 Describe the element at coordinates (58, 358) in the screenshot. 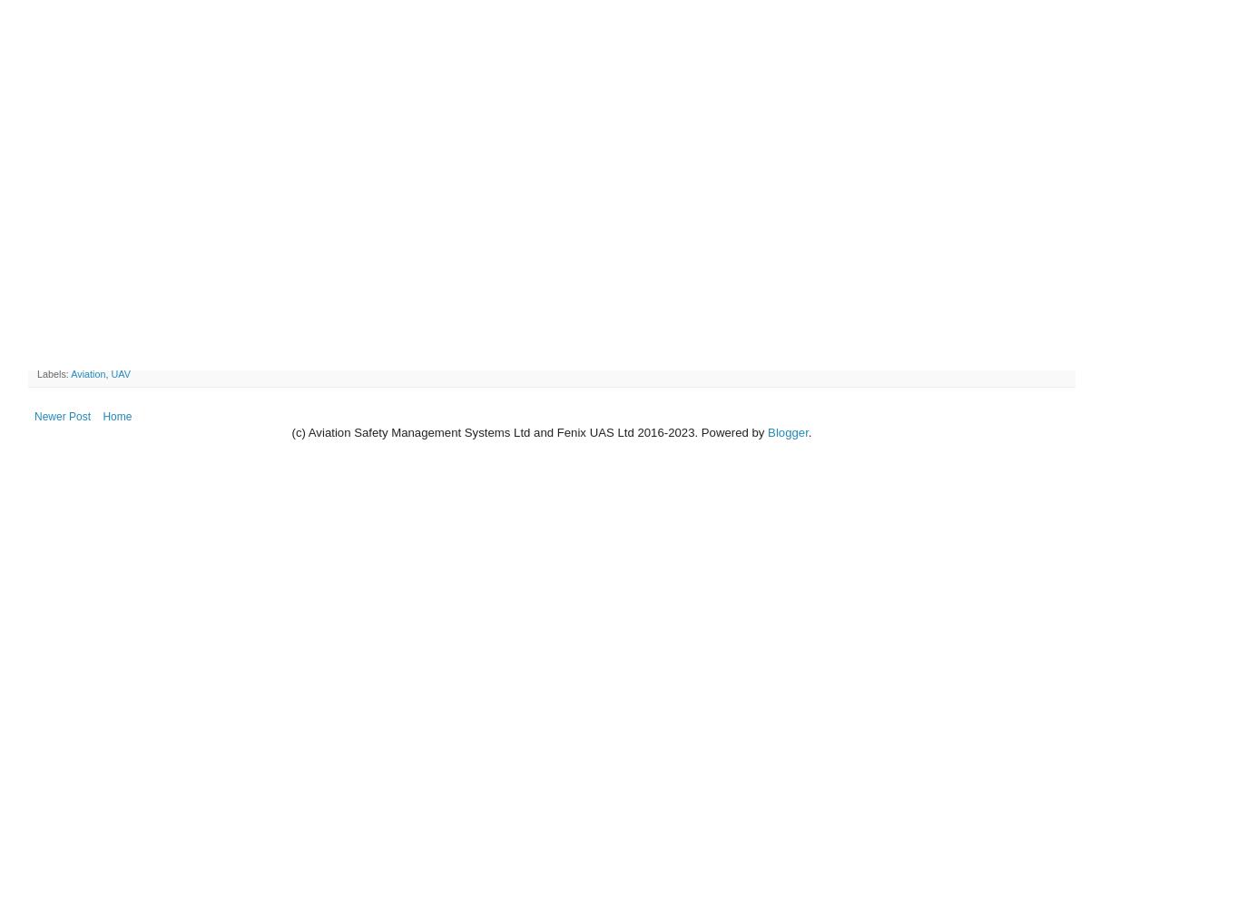

I see `'Email This'` at that location.